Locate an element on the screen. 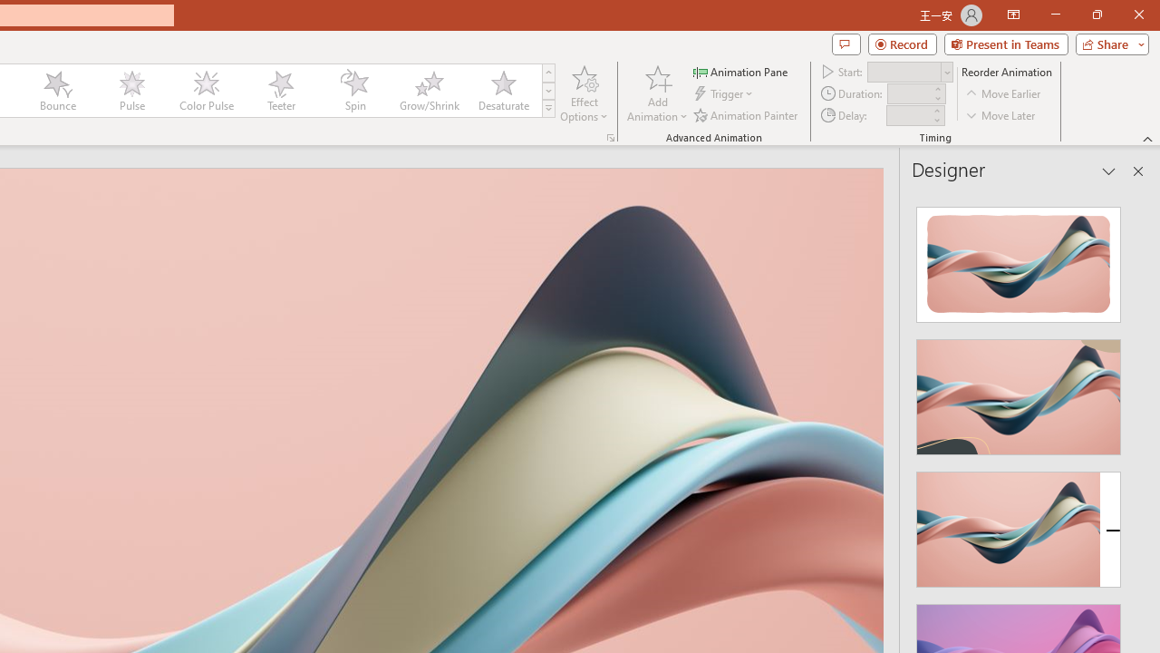 The width and height of the screenshot is (1160, 653). 'Move Later' is located at coordinates (1000, 115).